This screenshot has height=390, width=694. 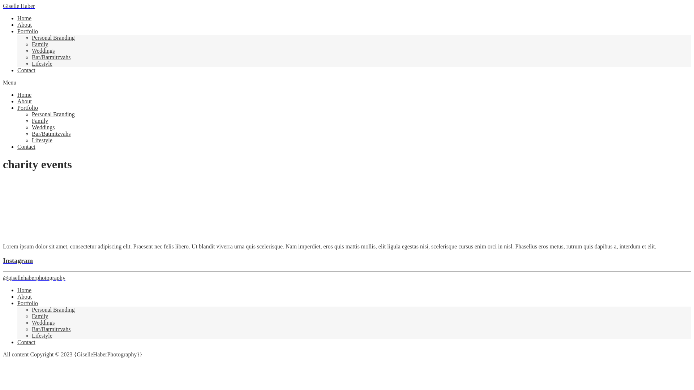 What do you see at coordinates (53, 114) in the screenshot?
I see `'Personal Branding'` at bounding box center [53, 114].